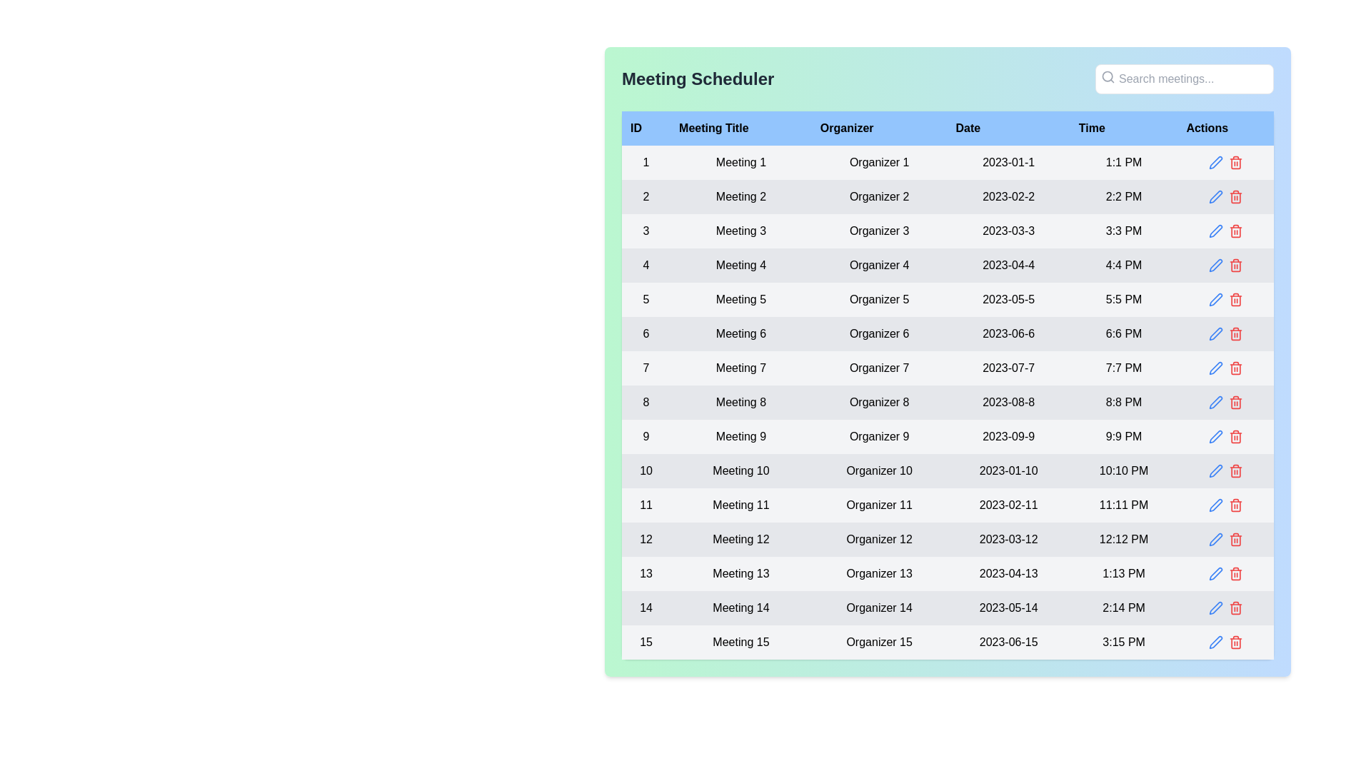 This screenshot has width=1371, height=771. I want to click on the edit button in the 'Actions' column for 'Meeting 11', so click(1215, 505).